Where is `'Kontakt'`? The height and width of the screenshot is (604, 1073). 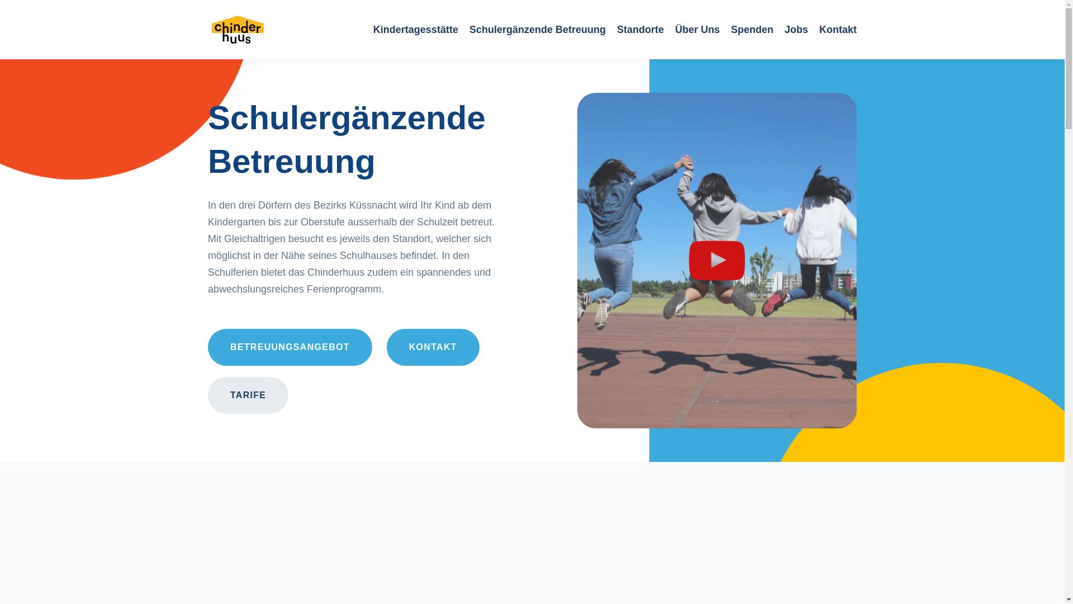
'Kontakt' is located at coordinates (838, 29).